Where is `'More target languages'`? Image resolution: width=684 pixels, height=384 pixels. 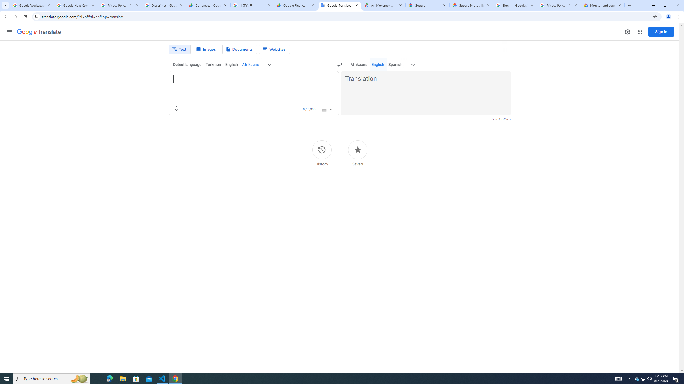
'More target languages' is located at coordinates (413, 65).